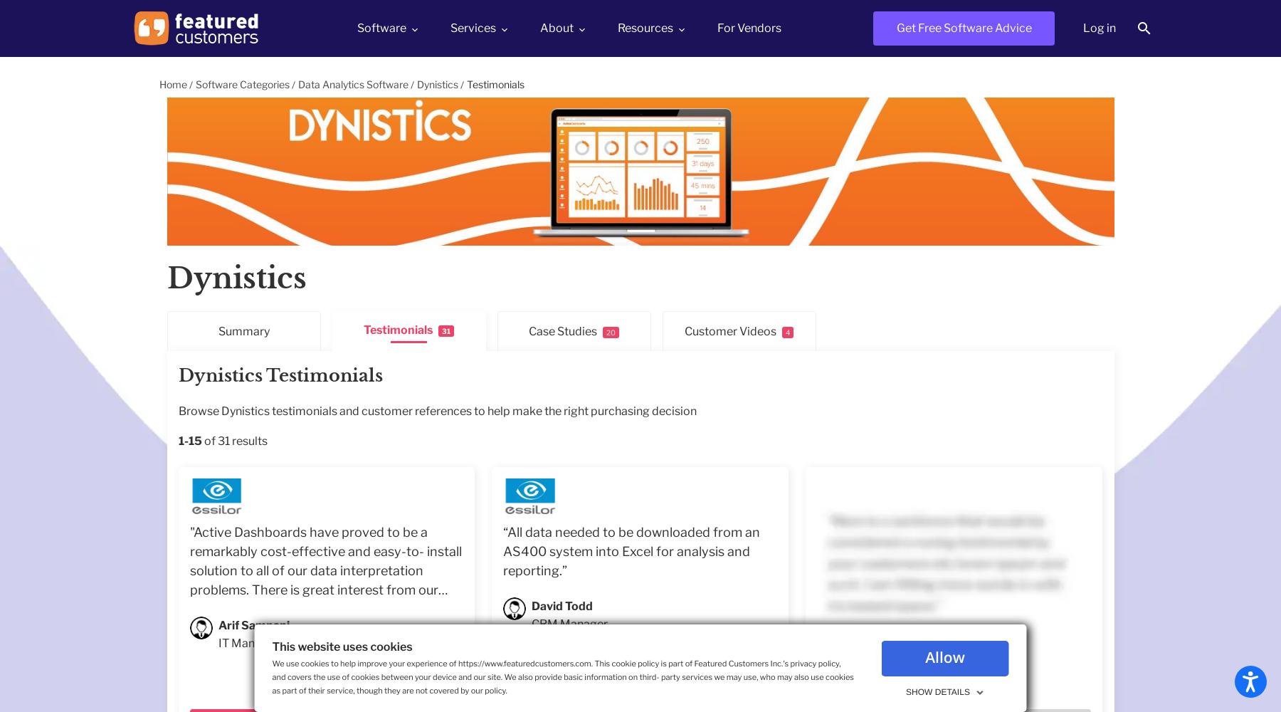 This screenshot has width=1281, height=712. What do you see at coordinates (562, 605) in the screenshot?
I see `'David Todd'` at bounding box center [562, 605].